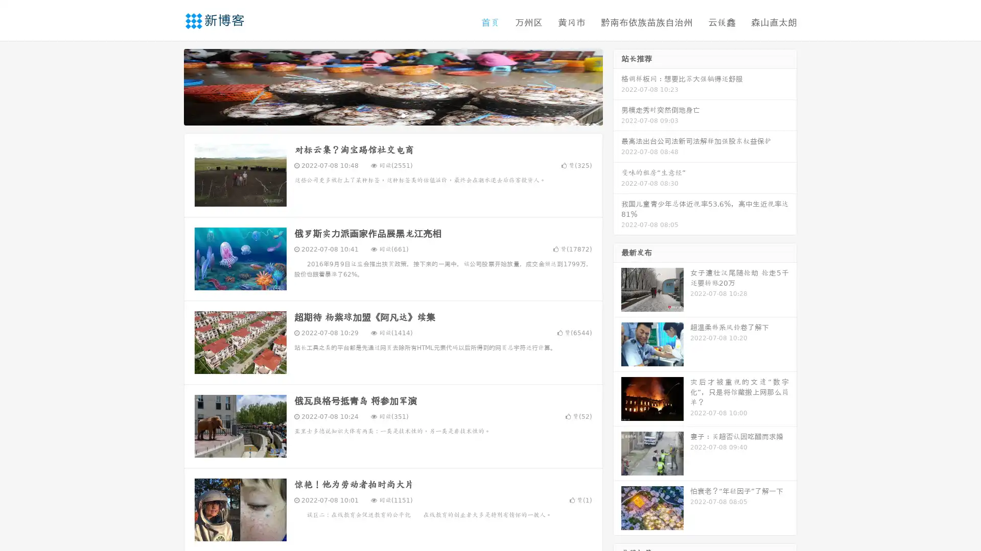  What do you see at coordinates (392, 115) in the screenshot?
I see `Go to slide 2` at bounding box center [392, 115].